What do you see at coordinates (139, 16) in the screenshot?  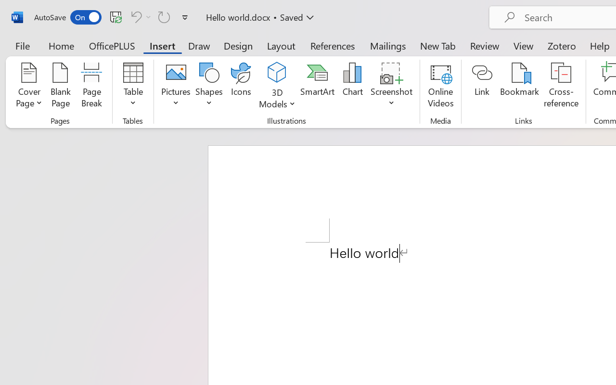 I see `'Can'` at bounding box center [139, 16].